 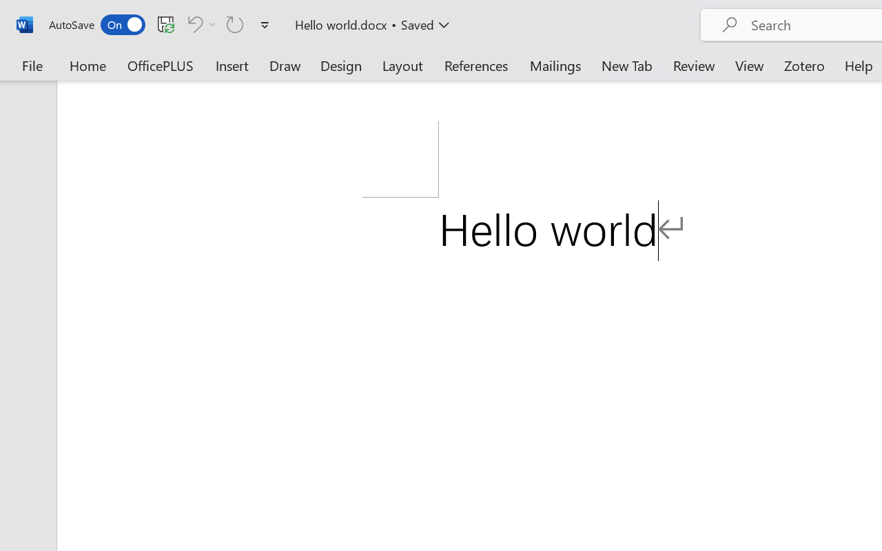 What do you see at coordinates (165, 23) in the screenshot?
I see `'Save'` at bounding box center [165, 23].